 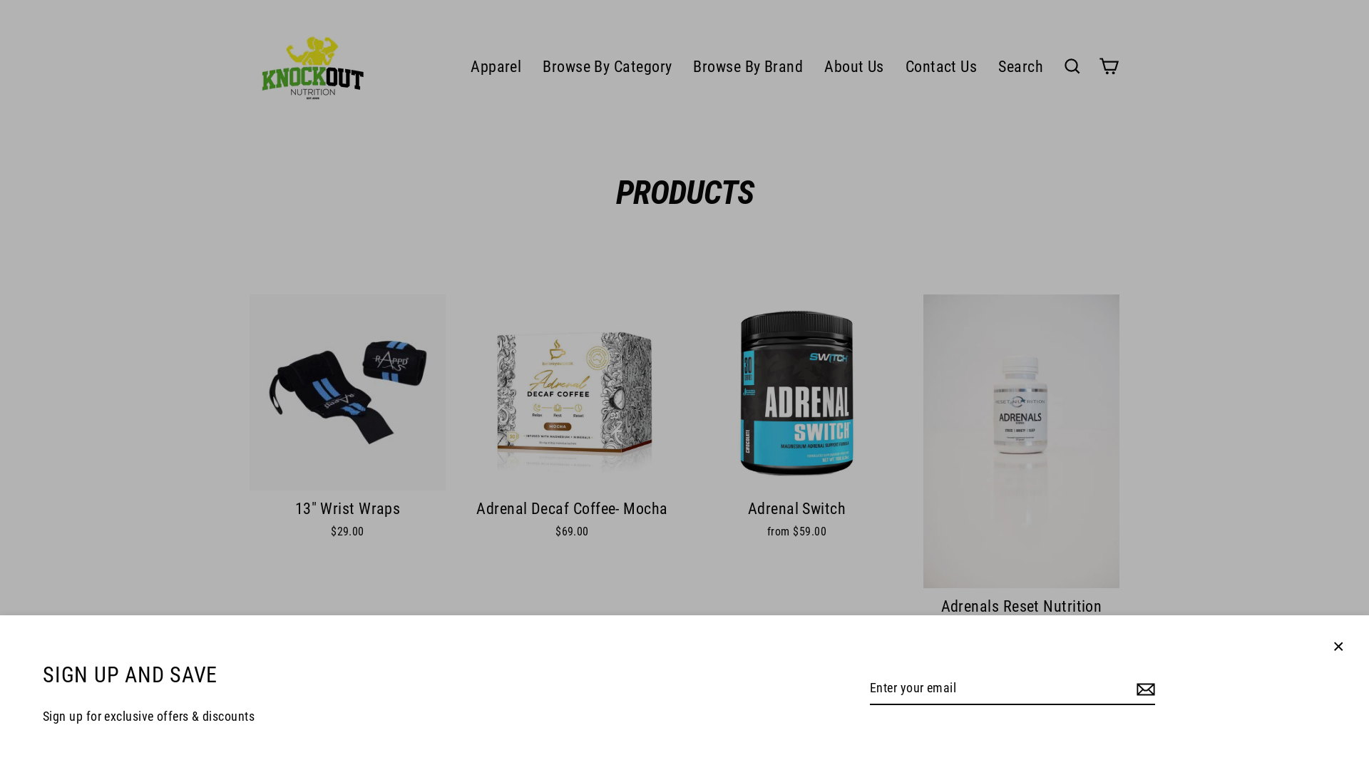 I want to click on 'Apparel', so click(x=459, y=66).